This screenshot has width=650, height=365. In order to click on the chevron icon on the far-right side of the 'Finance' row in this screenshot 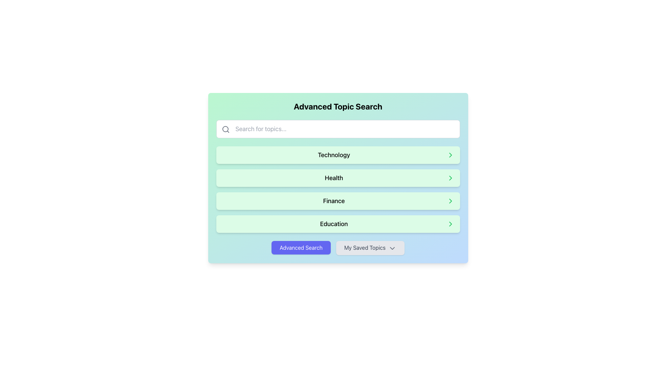, I will do `click(450, 200)`.